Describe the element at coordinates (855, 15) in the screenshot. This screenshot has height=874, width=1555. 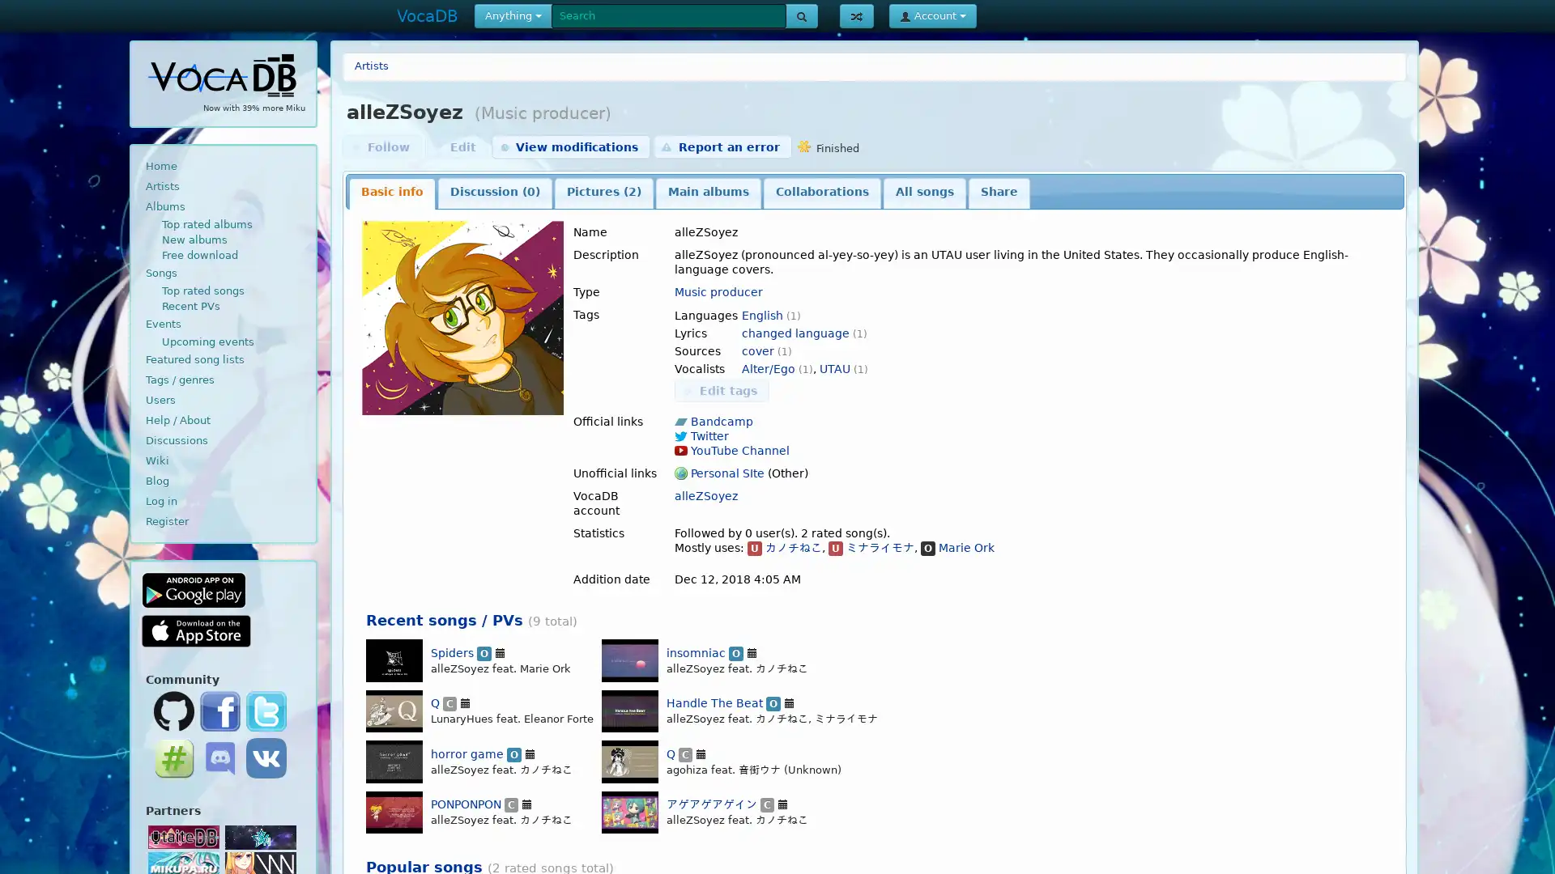
I see `Show random page` at that location.